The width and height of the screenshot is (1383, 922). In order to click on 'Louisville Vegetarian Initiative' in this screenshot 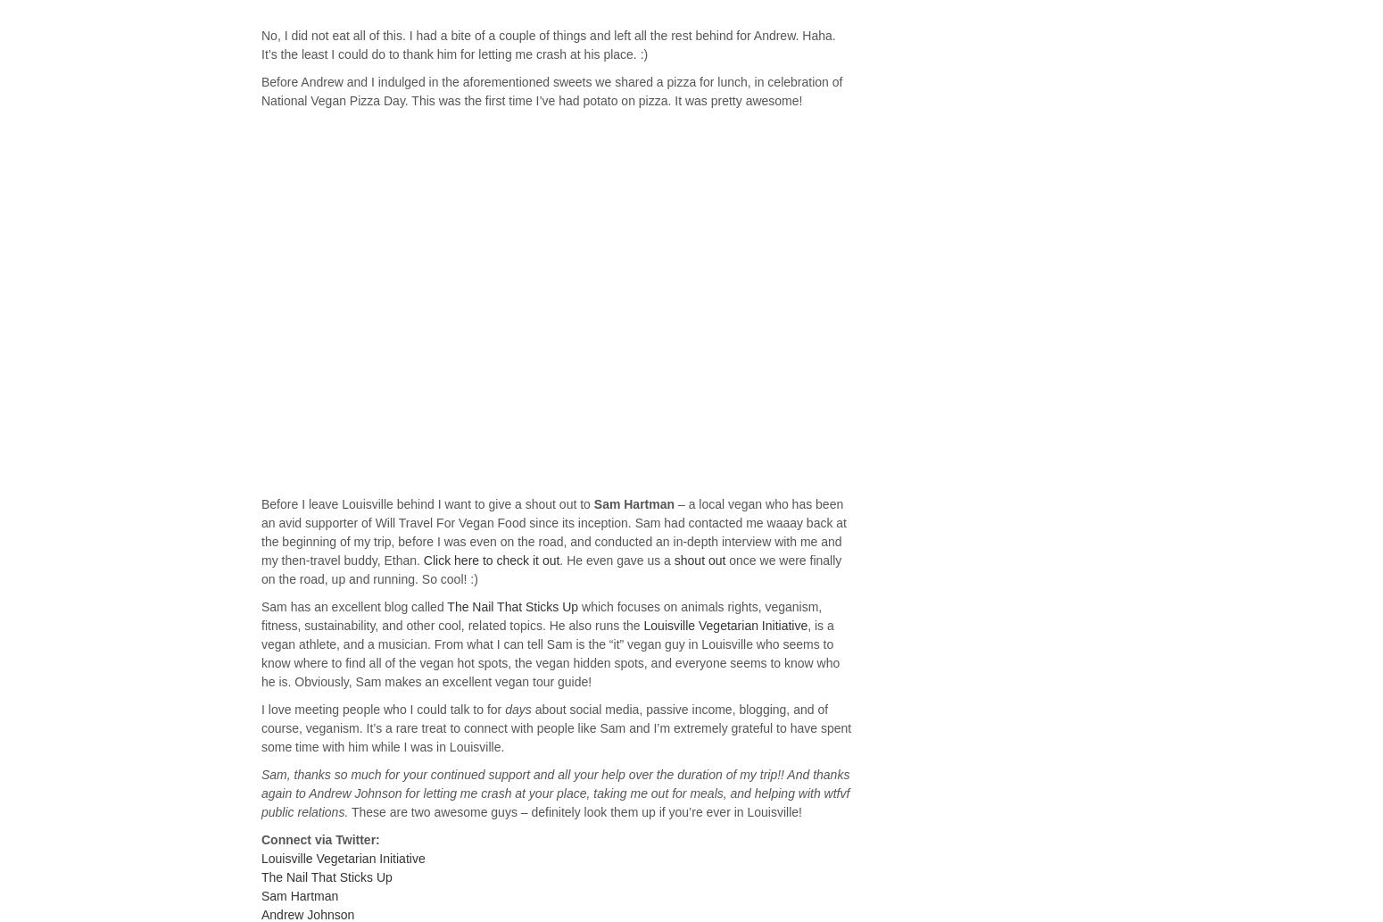, I will do `click(342, 858)`.